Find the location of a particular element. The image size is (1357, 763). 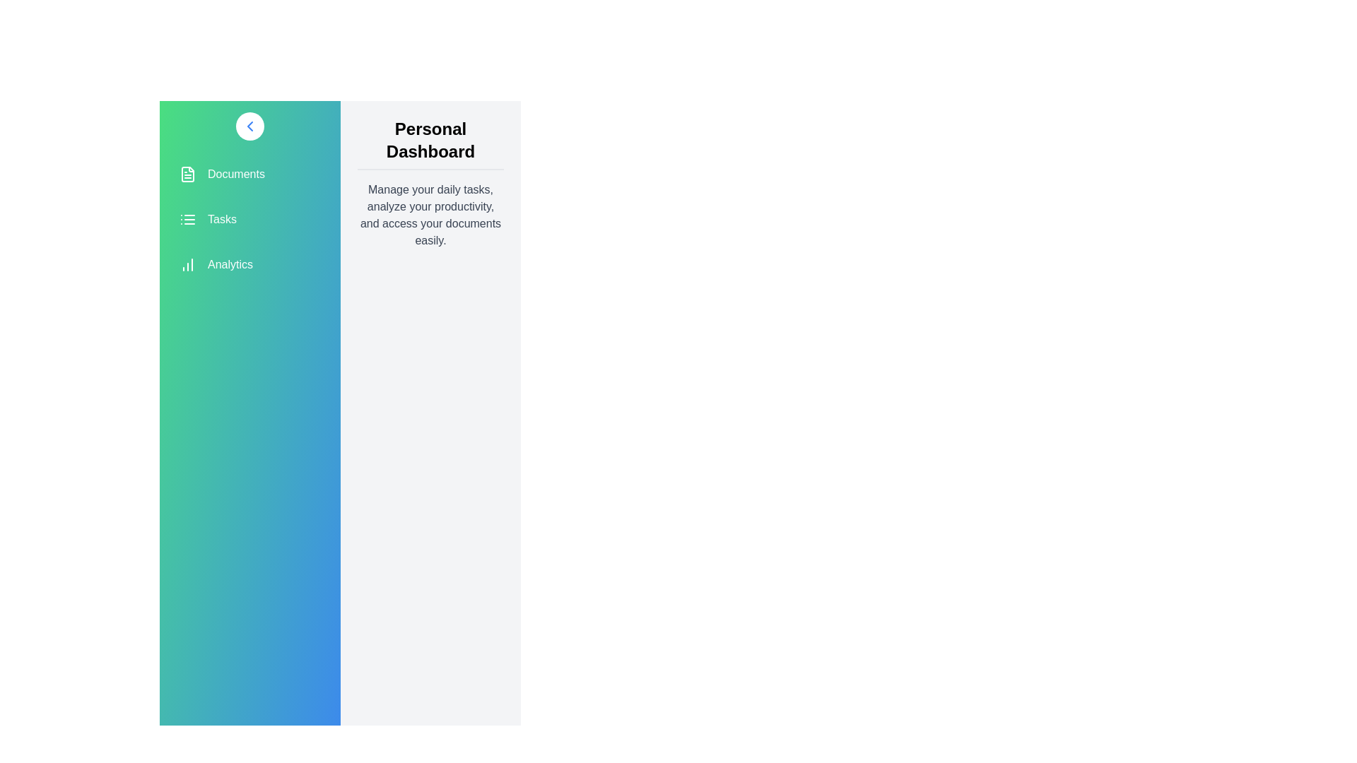

the menu item Analytics from the sidebar menu is located at coordinates (250, 264).